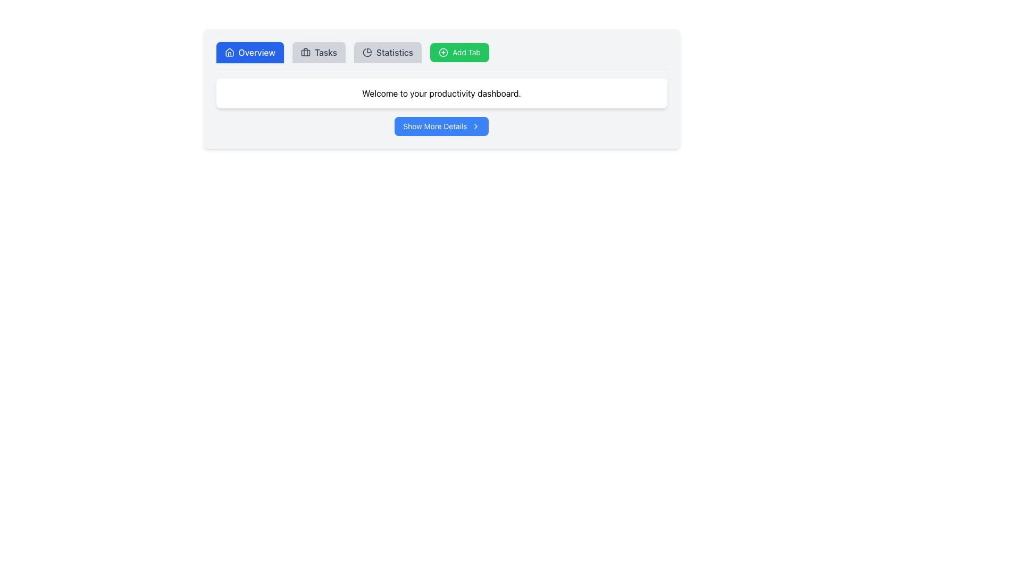  What do you see at coordinates (367, 53) in the screenshot?
I see `the circular pie-chart icon located in the top-right corner of the navigation bar` at bounding box center [367, 53].